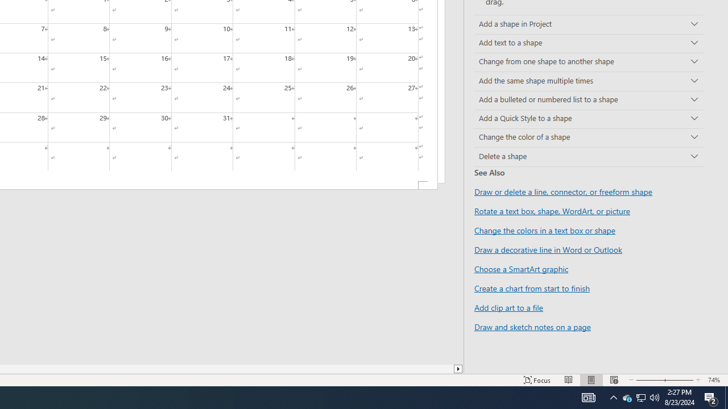 The image size is (728, 409). Describe the element at coordinates (589, 24) in the screenshot. I see `'Add a shape in Project'` at that location.